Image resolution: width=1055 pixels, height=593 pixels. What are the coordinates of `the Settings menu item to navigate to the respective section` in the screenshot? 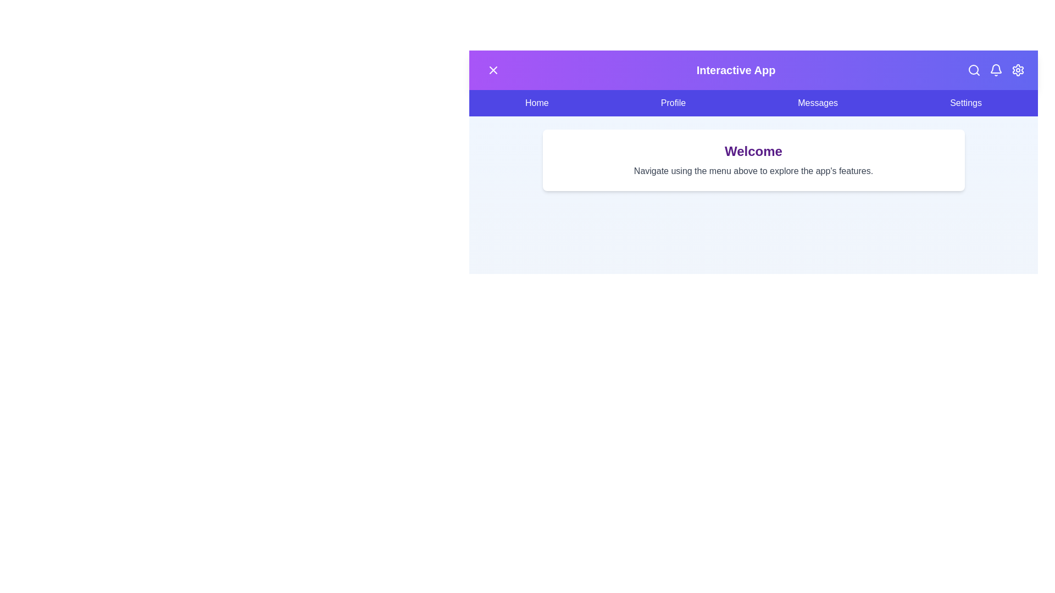 It's located at (965, 103).